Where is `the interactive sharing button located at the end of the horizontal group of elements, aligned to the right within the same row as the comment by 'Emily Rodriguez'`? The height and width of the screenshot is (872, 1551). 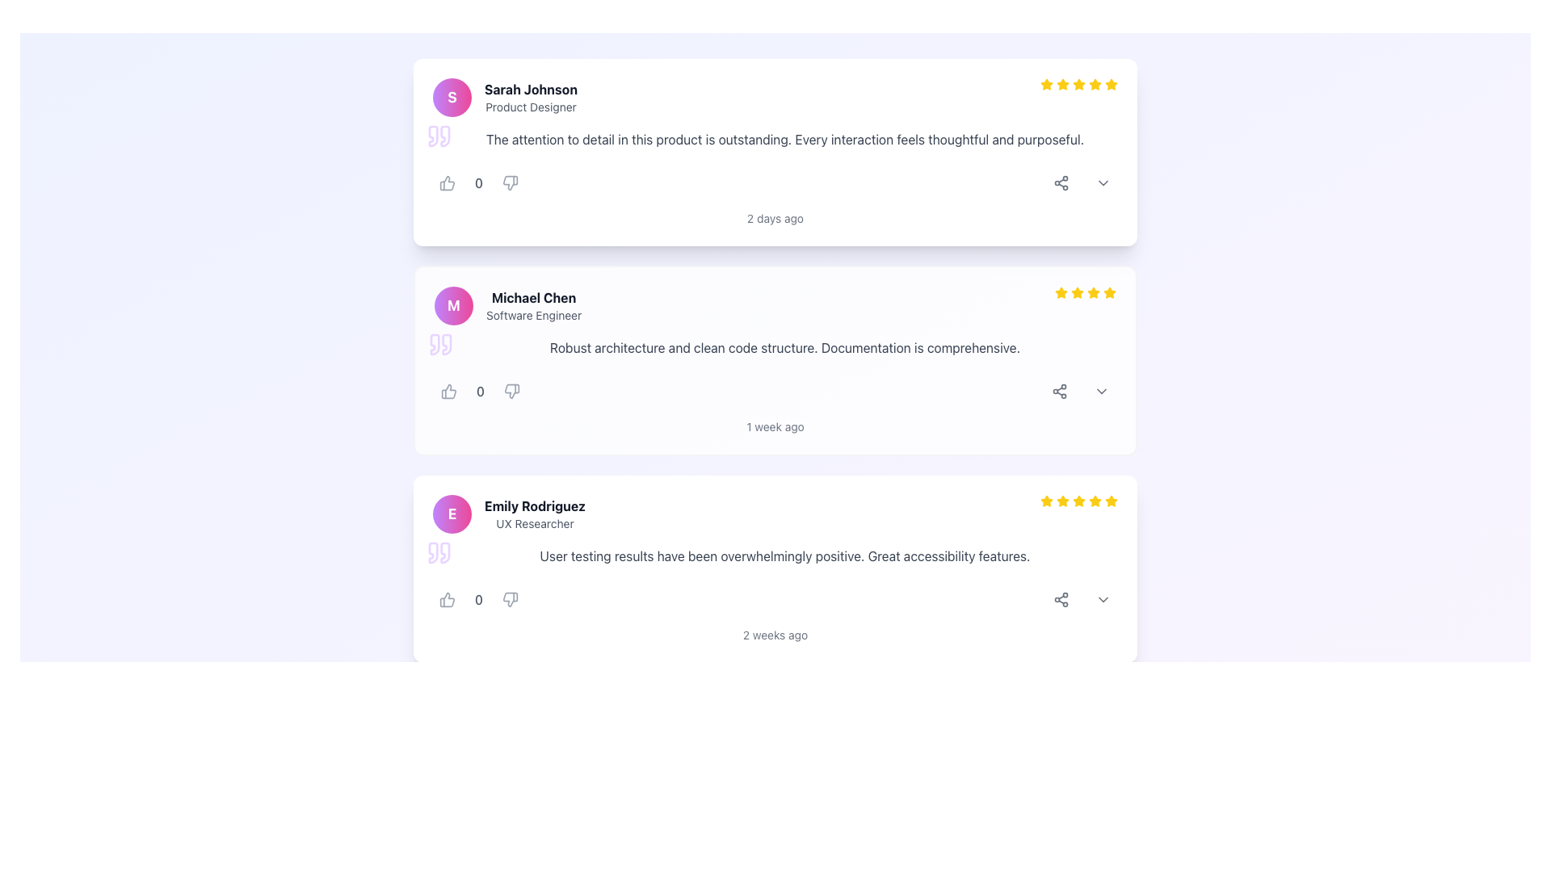 the interactive sharing button located at the end of the horizontal group of elements, aligned to the right within the same row as the comment by 'Emily Rodriguez' is located at coordinates (1061, 600).